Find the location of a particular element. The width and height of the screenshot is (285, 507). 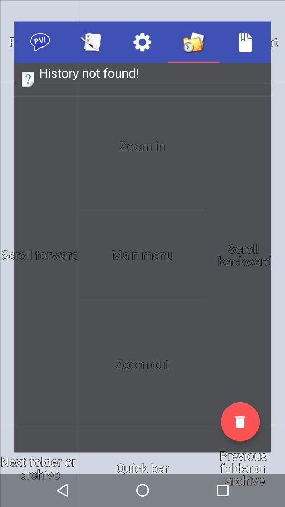

delete is located at coordinates (240, 421).